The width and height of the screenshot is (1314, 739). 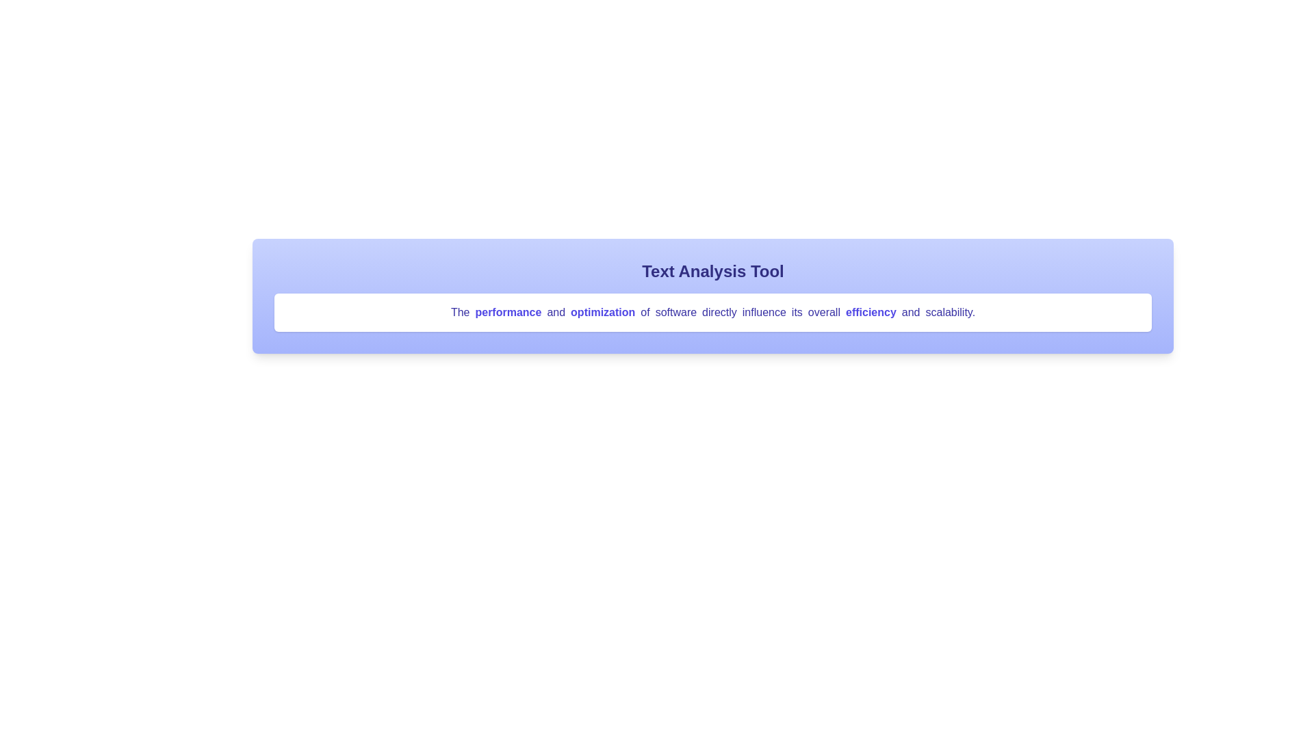 I want to click on the clickable text fragment displaying 'scalability' styled in indigo, located at the bottom center of the blue interface within a white box with rounded corners, so click(x=949, y=312).